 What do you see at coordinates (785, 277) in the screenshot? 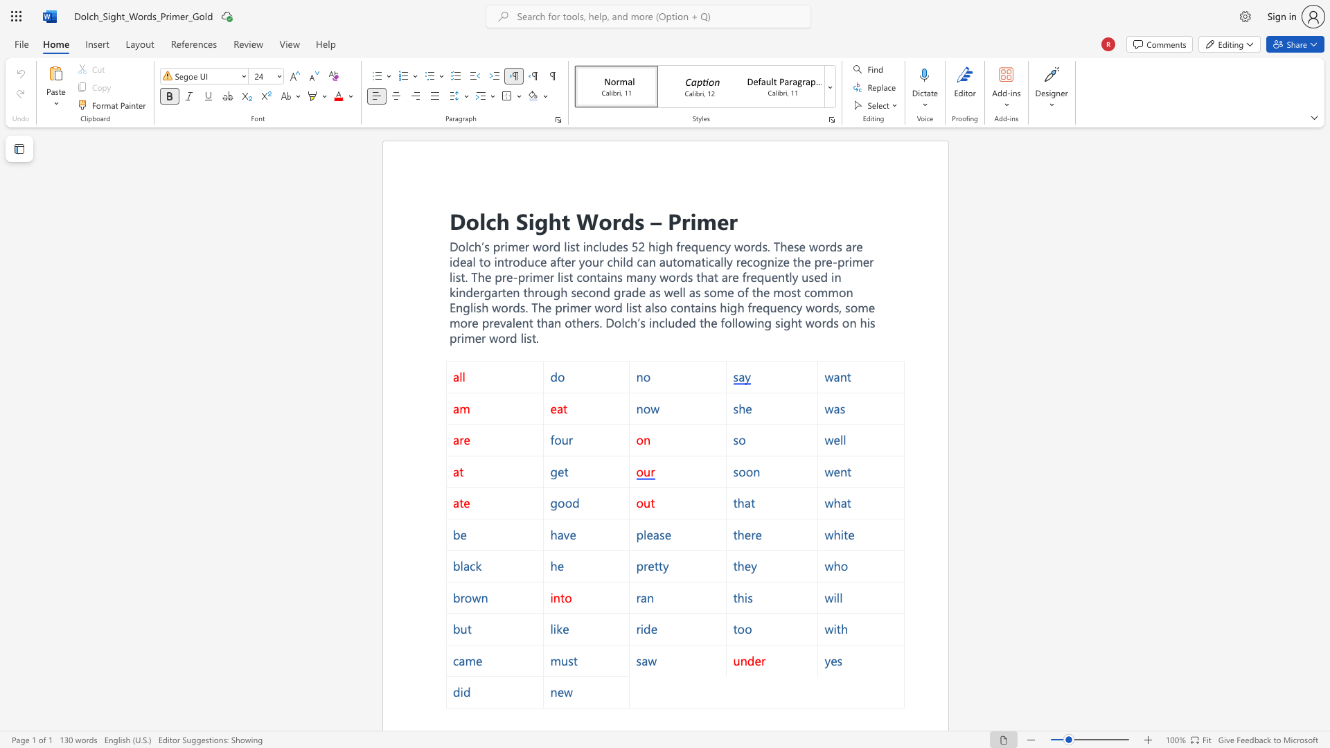
I see `the subset text "tly" within the text "frequently"` at bounding box center [785, 277].